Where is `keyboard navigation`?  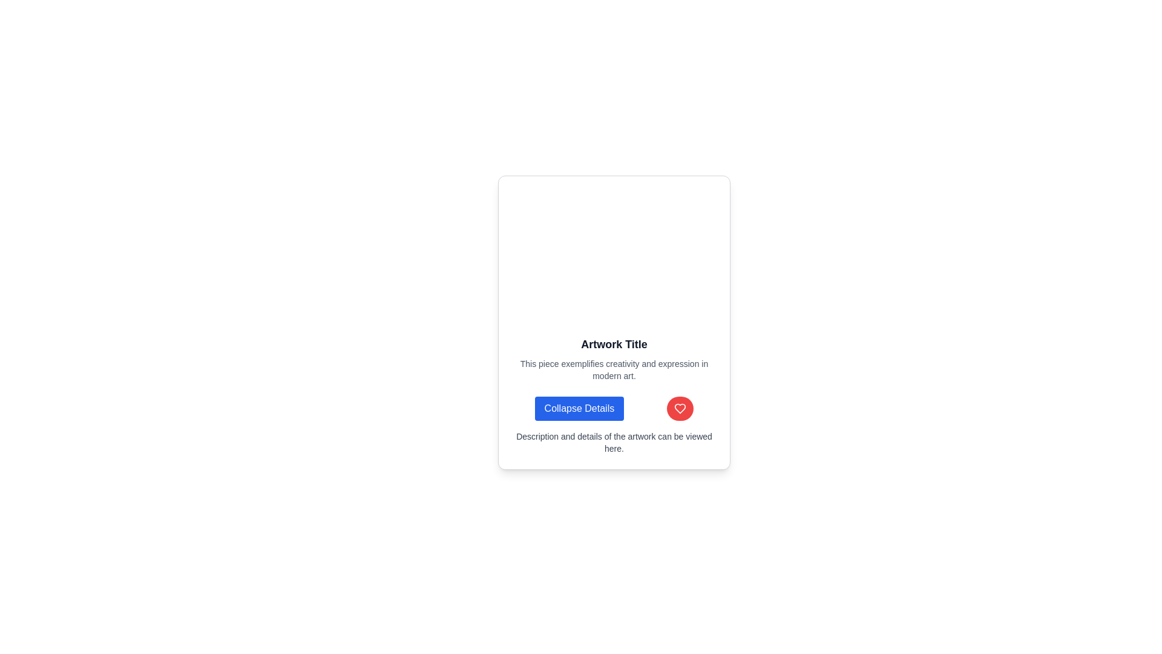 keyboard navigation is located at coordinates (579, 409).